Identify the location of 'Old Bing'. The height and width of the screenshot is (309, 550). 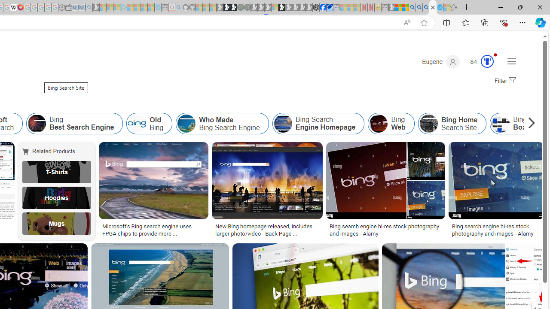
(137, 124).